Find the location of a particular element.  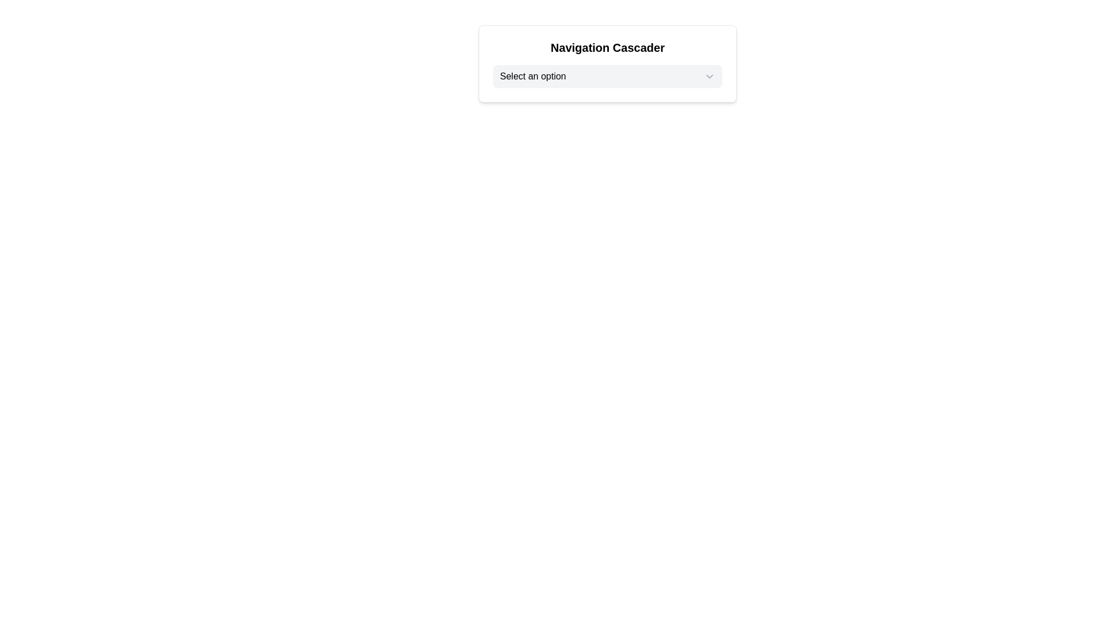

the downwards chevron icon located at the right end inside the input field of the dropdown selection interface is located at coordinates (709, 76).